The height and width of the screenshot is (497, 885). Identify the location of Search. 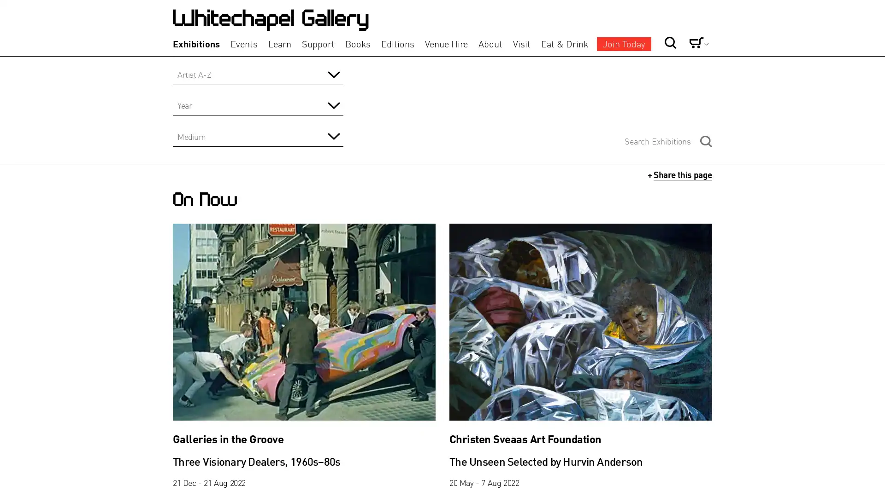
(705, 141).